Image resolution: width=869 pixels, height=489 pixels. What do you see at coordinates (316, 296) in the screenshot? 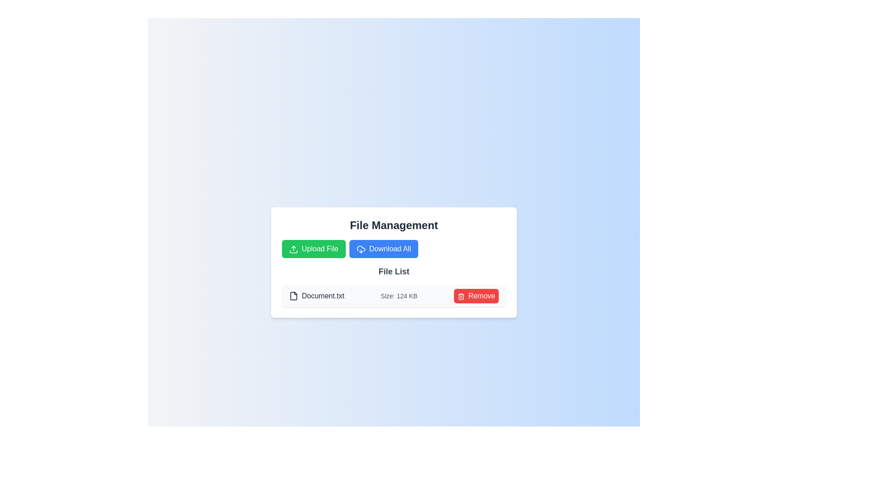
I see `the text label 'Document.txt' which is styled with a gray font on a white background and is paired with a document file icon, located in the 'File List' section` at bounding box center [316, 296].